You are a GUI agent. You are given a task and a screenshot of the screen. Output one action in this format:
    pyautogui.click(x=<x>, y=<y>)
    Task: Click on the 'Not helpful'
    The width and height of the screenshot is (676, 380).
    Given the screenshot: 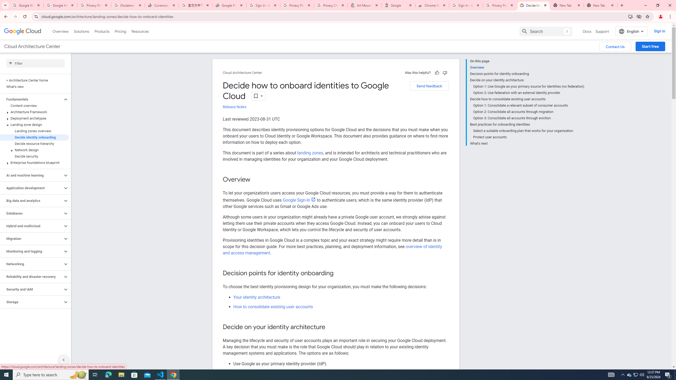 What is the action you would take?
    pyautogui.click(x=444, y=73)
    